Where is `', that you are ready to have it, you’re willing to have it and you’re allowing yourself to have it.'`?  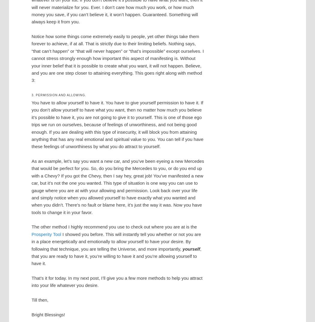
', that you are ready to have it, you’re willing to have it and you’re allowing yourself to have it.' is located at coordinates (116, 256).